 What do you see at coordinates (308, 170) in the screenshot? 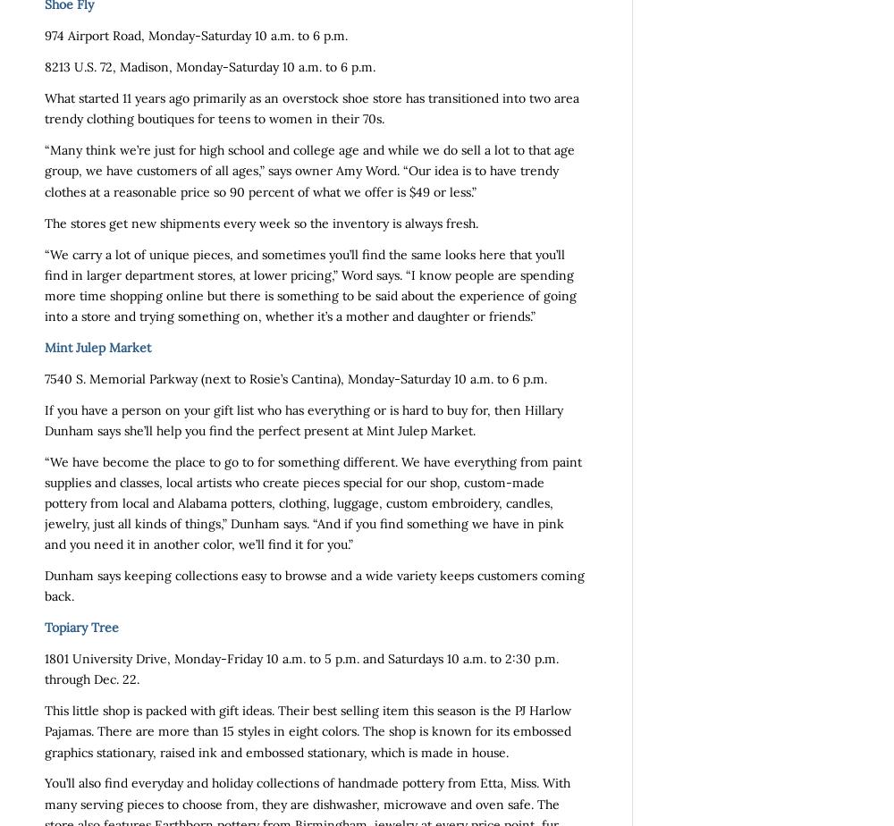
I see `'“Many think we’re just for high school and college age and while we do sell a lot to that age group, we have customers of all ages,” says owner Amy Word. “Our idea is to have trendy clothes at a reasonable price so 90 percent of what we offer is $49 or less.”'` at bounding box center [308, 170].